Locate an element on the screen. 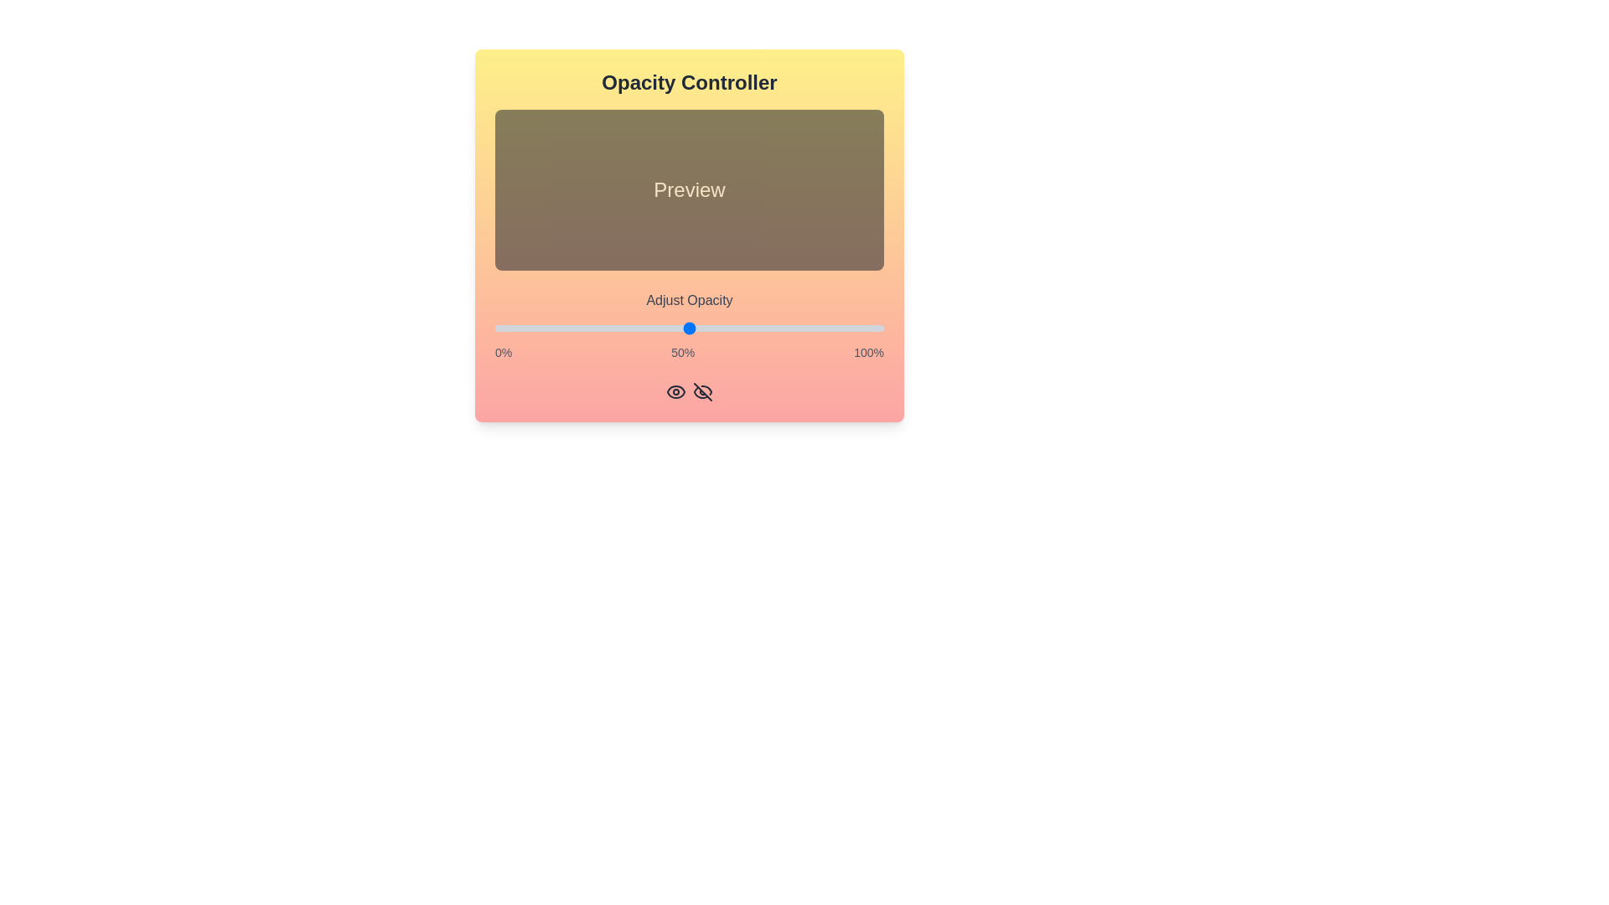  the opacity slider to 39% is located at coordinates (646, 328).